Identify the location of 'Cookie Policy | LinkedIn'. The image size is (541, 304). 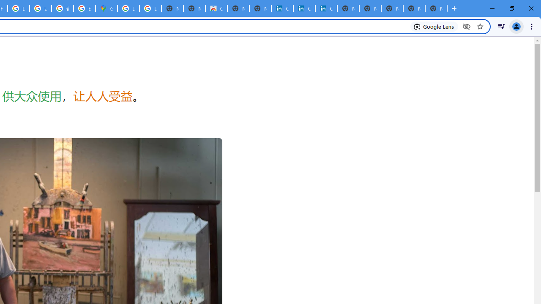
(282, 8).